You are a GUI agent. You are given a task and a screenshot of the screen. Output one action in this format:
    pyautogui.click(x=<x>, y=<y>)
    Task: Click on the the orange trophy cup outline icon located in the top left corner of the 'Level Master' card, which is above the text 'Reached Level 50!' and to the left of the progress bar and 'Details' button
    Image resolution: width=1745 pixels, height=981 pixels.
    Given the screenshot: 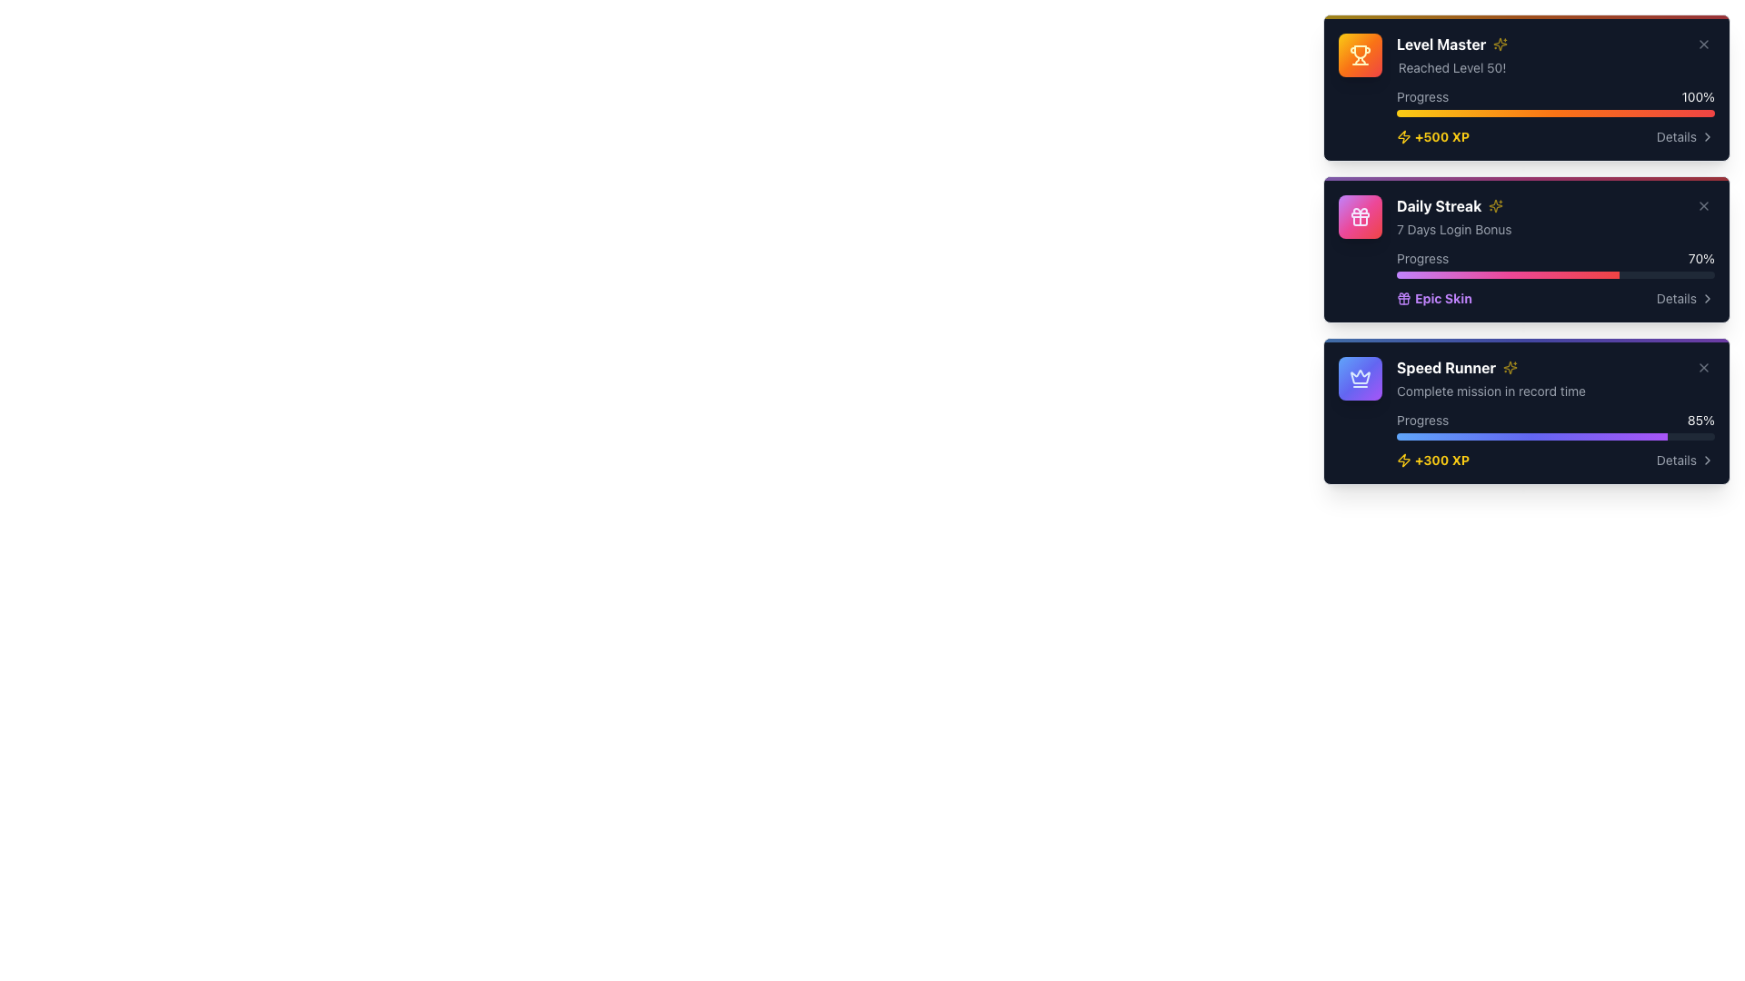 What is the action you would take?
    pyautogui.click(x=1361, y=51)
    